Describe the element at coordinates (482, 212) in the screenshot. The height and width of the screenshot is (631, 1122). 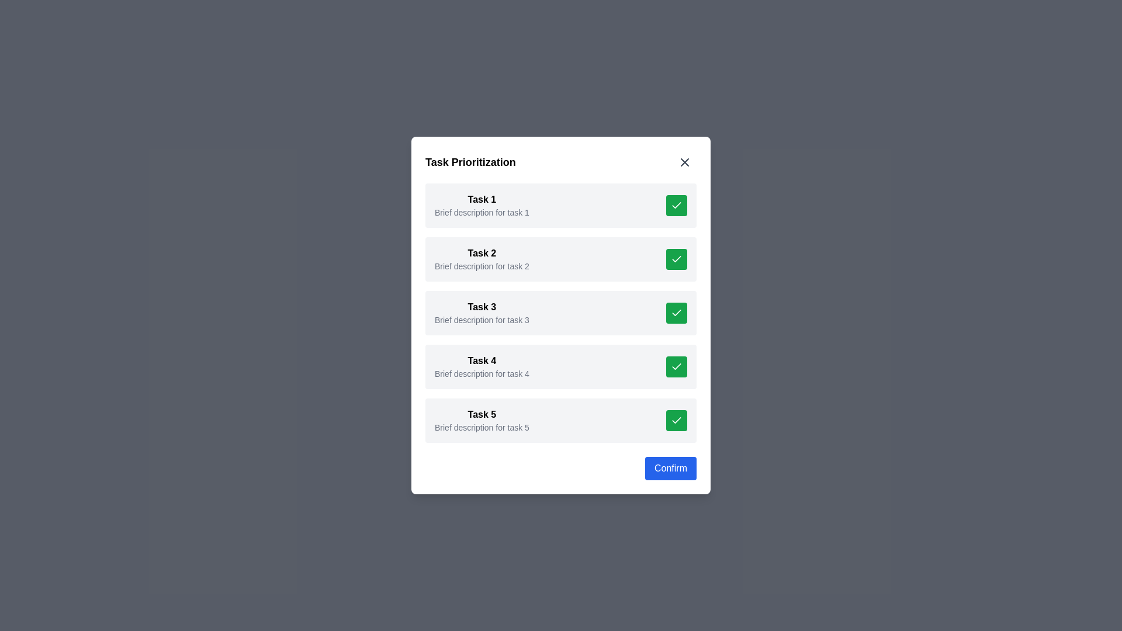
I see `the static text label providing additional information about 'Task 1', which is located directly below the title in the first task item of a vertical list inside a pop-up dialog` at that location.